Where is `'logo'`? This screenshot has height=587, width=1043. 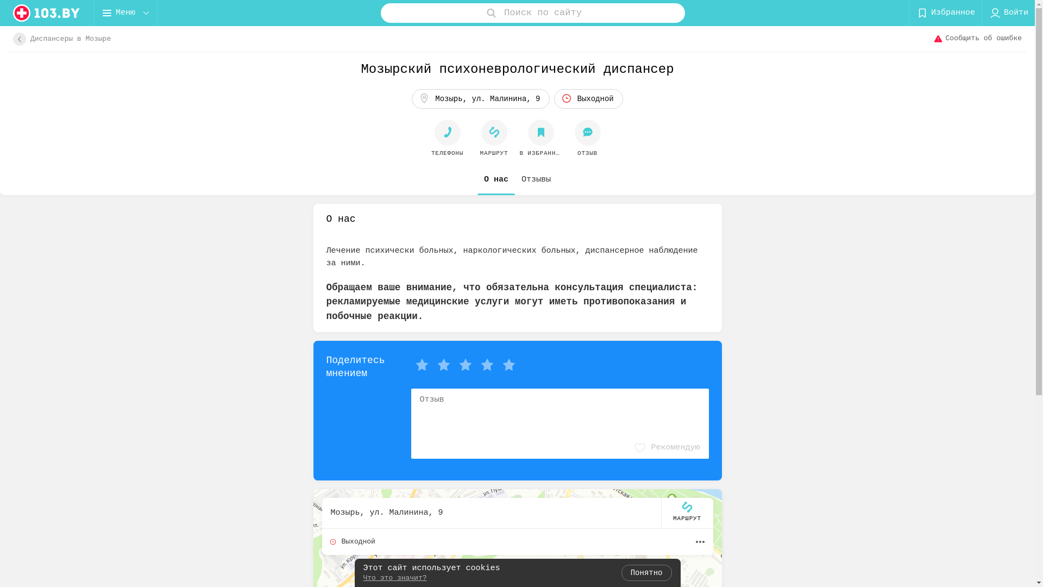 'logo' is located at coordinates (13, 13).